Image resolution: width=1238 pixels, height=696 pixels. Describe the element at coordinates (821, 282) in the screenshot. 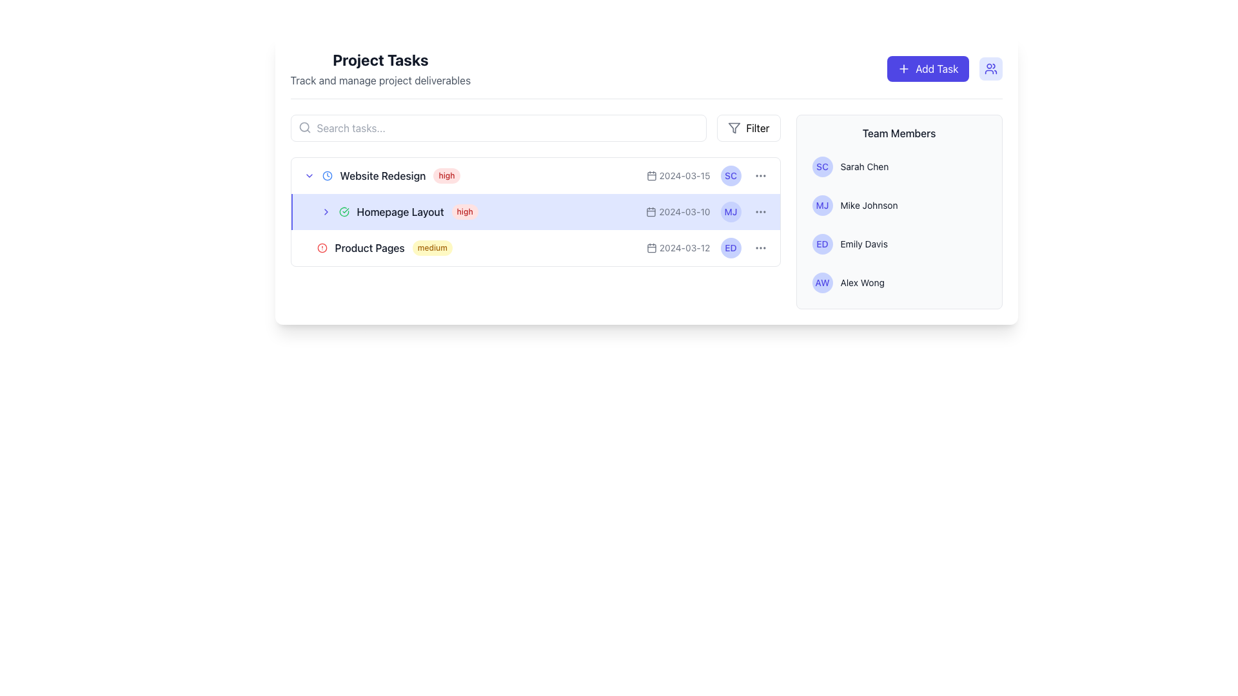

I see `the avatar placeholder for team member 'AW' located in the 'Team Members' section, positioned at the far right of the layout, directly preceding the text 'Alex Wong'` at that location.